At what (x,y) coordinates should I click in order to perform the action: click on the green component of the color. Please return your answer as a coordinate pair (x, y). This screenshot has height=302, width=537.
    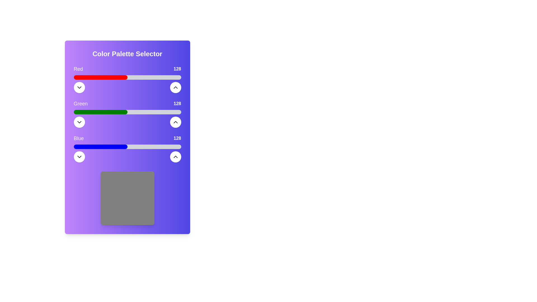
    Looking at the image, I should click on (104, 112).